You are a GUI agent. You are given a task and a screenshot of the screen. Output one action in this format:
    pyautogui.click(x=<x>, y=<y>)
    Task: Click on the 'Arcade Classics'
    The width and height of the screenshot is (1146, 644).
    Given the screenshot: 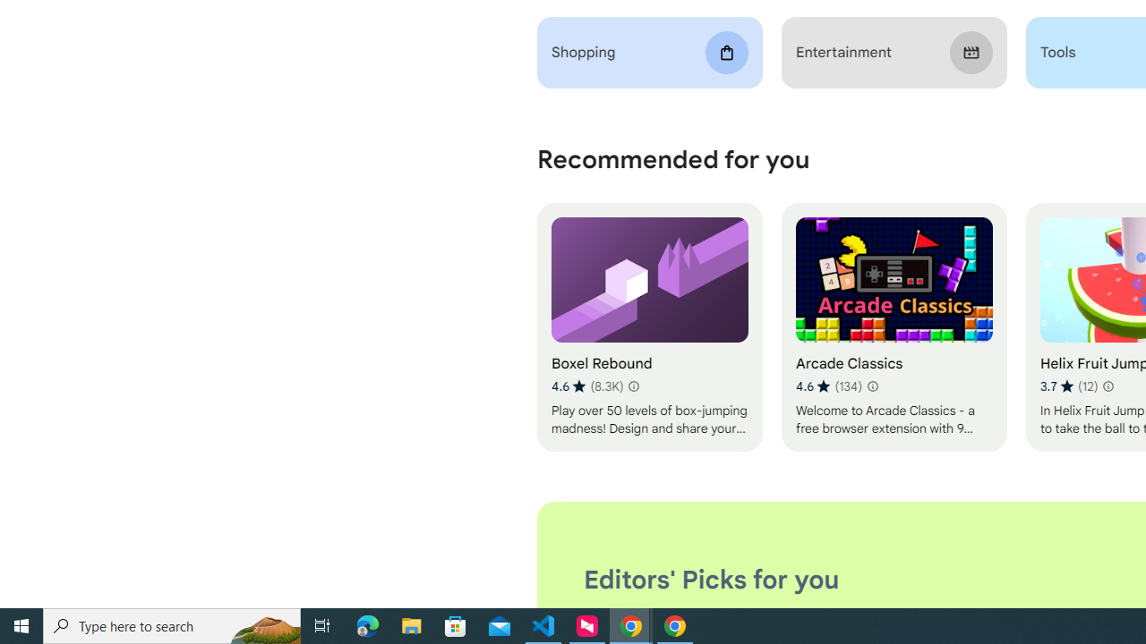 What is the action you would take?
    pyautogui.click(x=894, y=327)
    